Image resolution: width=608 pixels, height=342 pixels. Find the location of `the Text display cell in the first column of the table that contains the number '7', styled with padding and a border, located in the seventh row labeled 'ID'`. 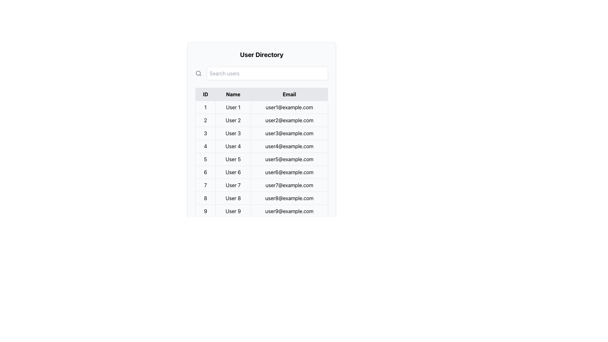

the Text display cell in the first column of the table that contains the number '7', styled with padding and a border, located in the seventh row labeled 'ID' is located at coordinates (205, 185).